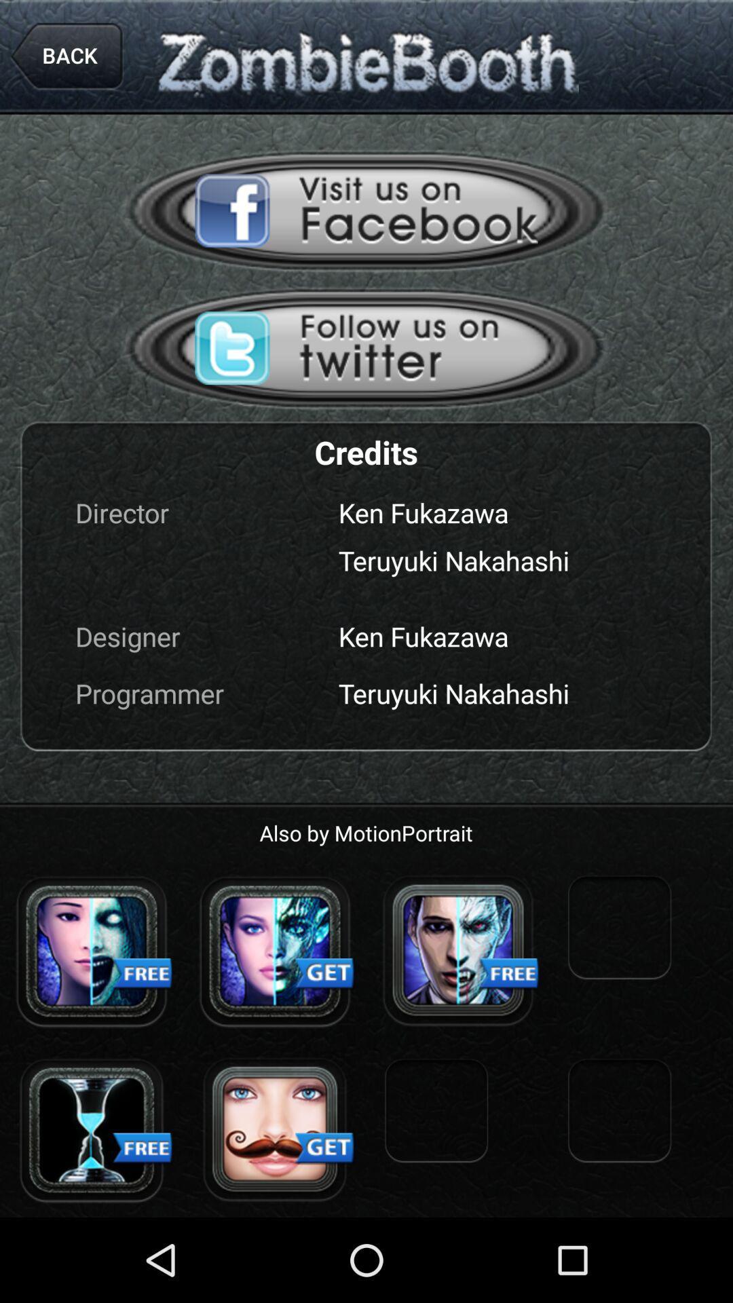 The width and height of the screenshot is (733, 1303). I want to click on this image, so click(92, 1130).